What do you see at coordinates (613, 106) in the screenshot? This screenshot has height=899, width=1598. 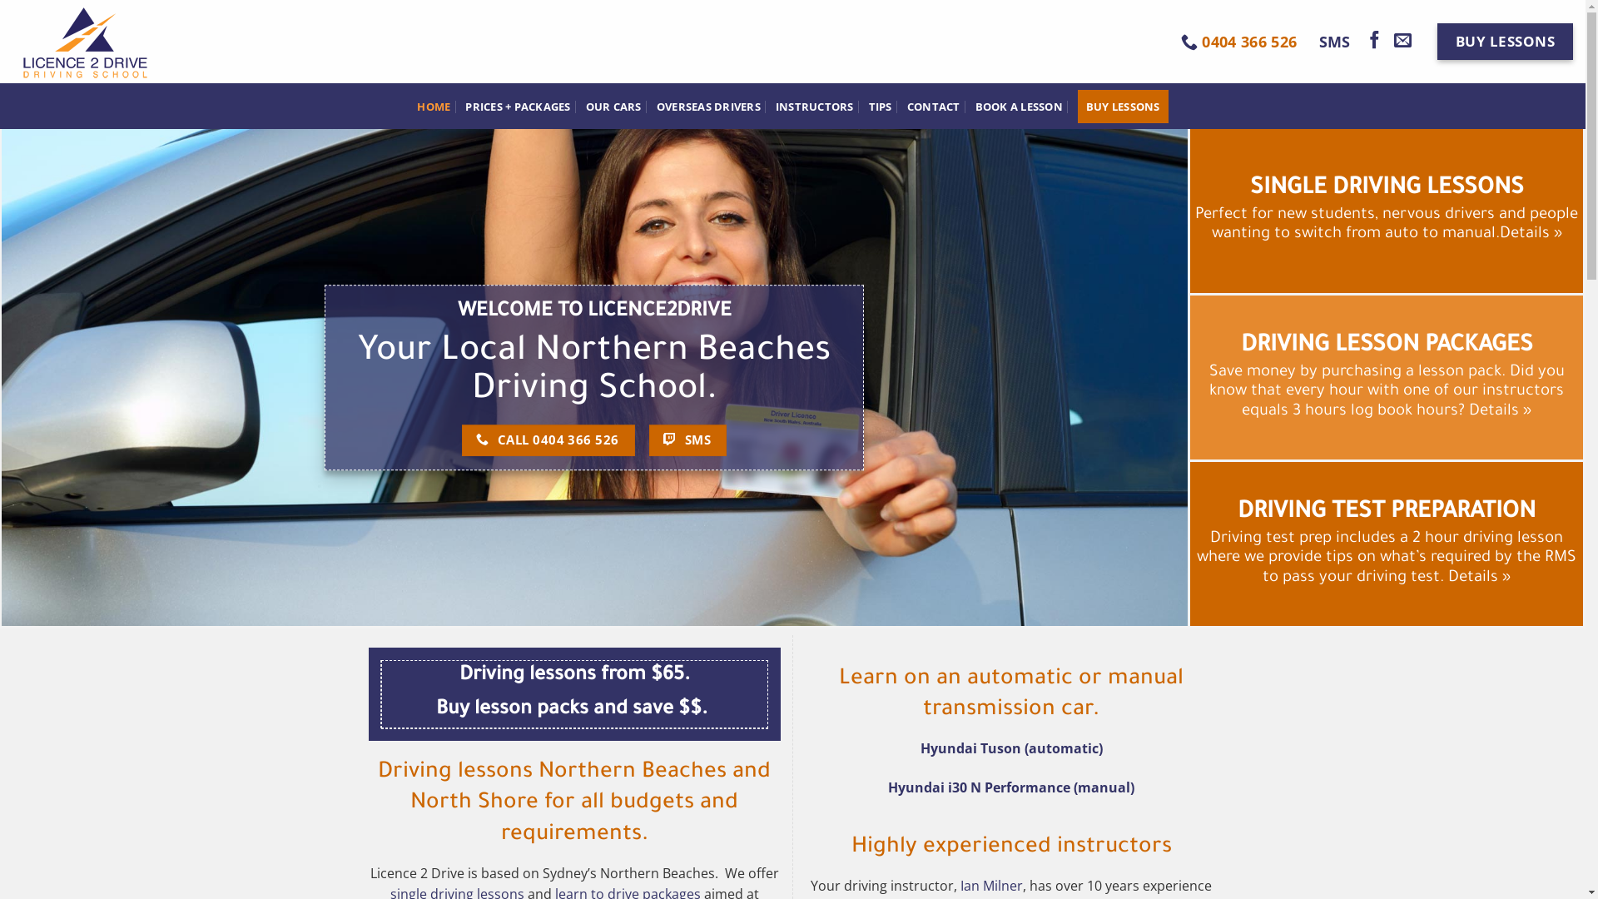 I see `'OUR CARS'` at bounding box center [613, 106].